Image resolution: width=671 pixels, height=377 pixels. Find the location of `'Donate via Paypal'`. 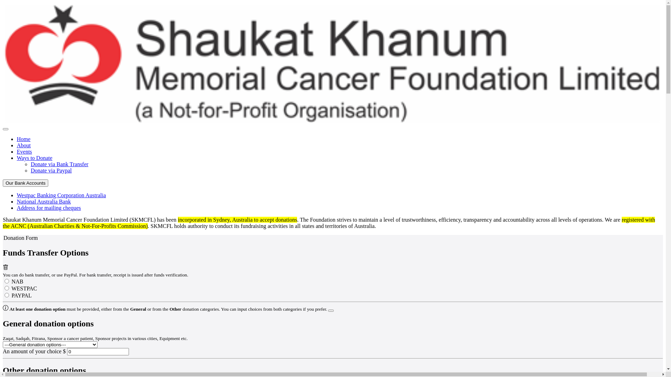

'Donate via Paypal' is located at coordinates (51, 170).